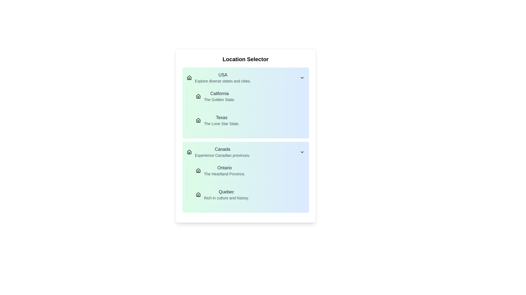  What do you see at coordinates (248, 96) in the screenshot?
I see `the California button in the Location Selector` at bounding box center [248, 96].